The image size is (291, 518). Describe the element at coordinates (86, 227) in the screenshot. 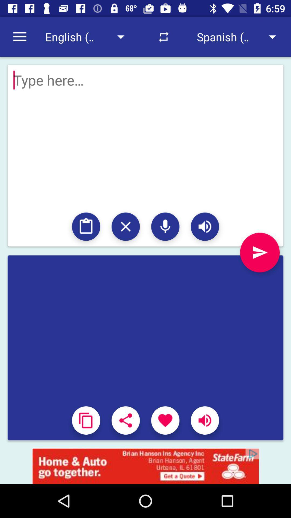

I see `access clipboard` at that location.